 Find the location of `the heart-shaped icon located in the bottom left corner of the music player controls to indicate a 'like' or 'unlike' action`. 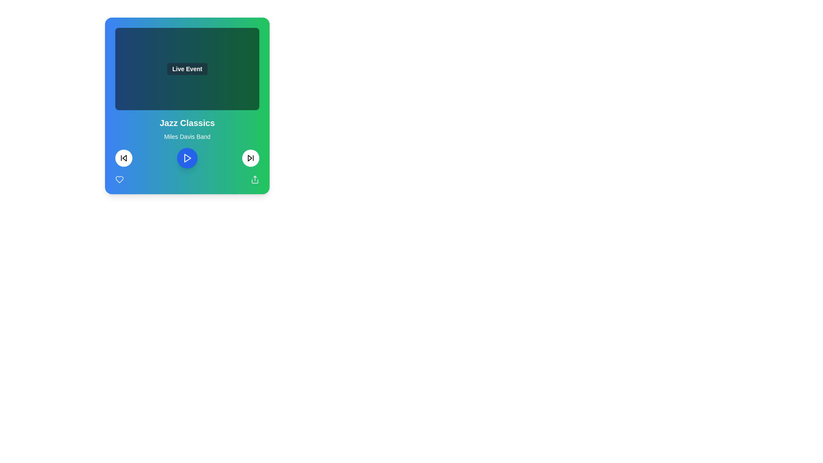

the heart-shaped icon located in the bottom left corner of the music player controls to indicate a 'like' or 'unlike' action is located at coordinates (119, 179).